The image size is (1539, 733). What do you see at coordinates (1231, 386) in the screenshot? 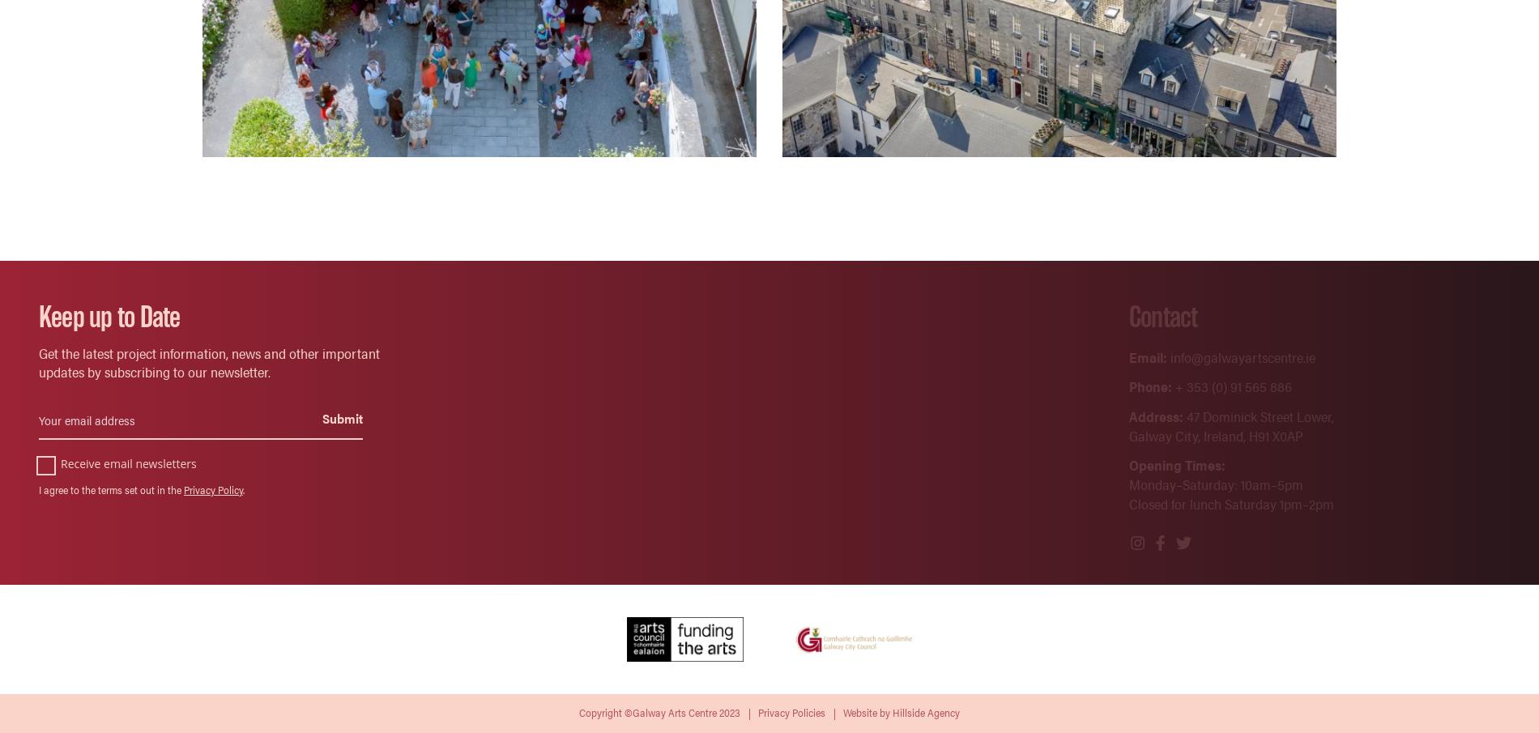
I see `'+ 353 (0) 91 565 886'` at bounding box center [1231, 386].